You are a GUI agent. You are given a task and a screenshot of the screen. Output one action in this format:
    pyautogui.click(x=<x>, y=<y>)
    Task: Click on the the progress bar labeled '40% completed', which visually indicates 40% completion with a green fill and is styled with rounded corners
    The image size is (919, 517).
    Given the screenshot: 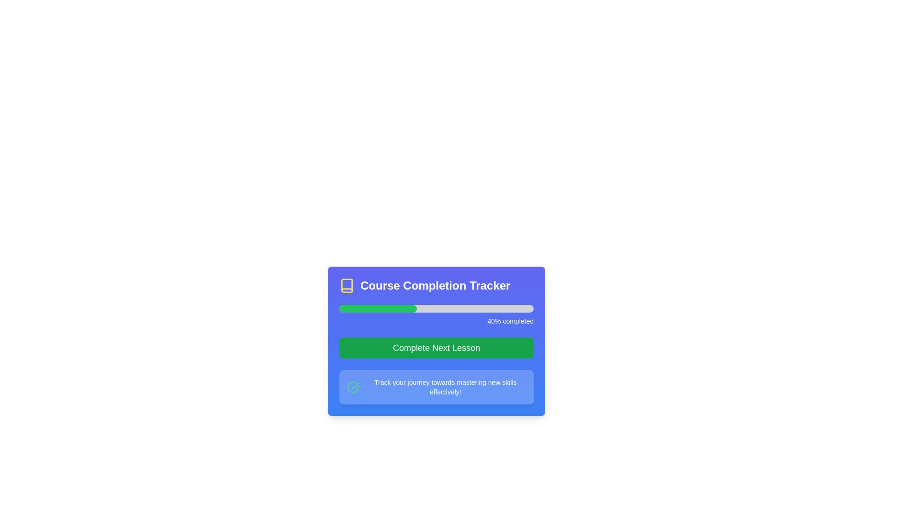 What is the action you would take?
    pyautogui.click(x=436, y=315)
    